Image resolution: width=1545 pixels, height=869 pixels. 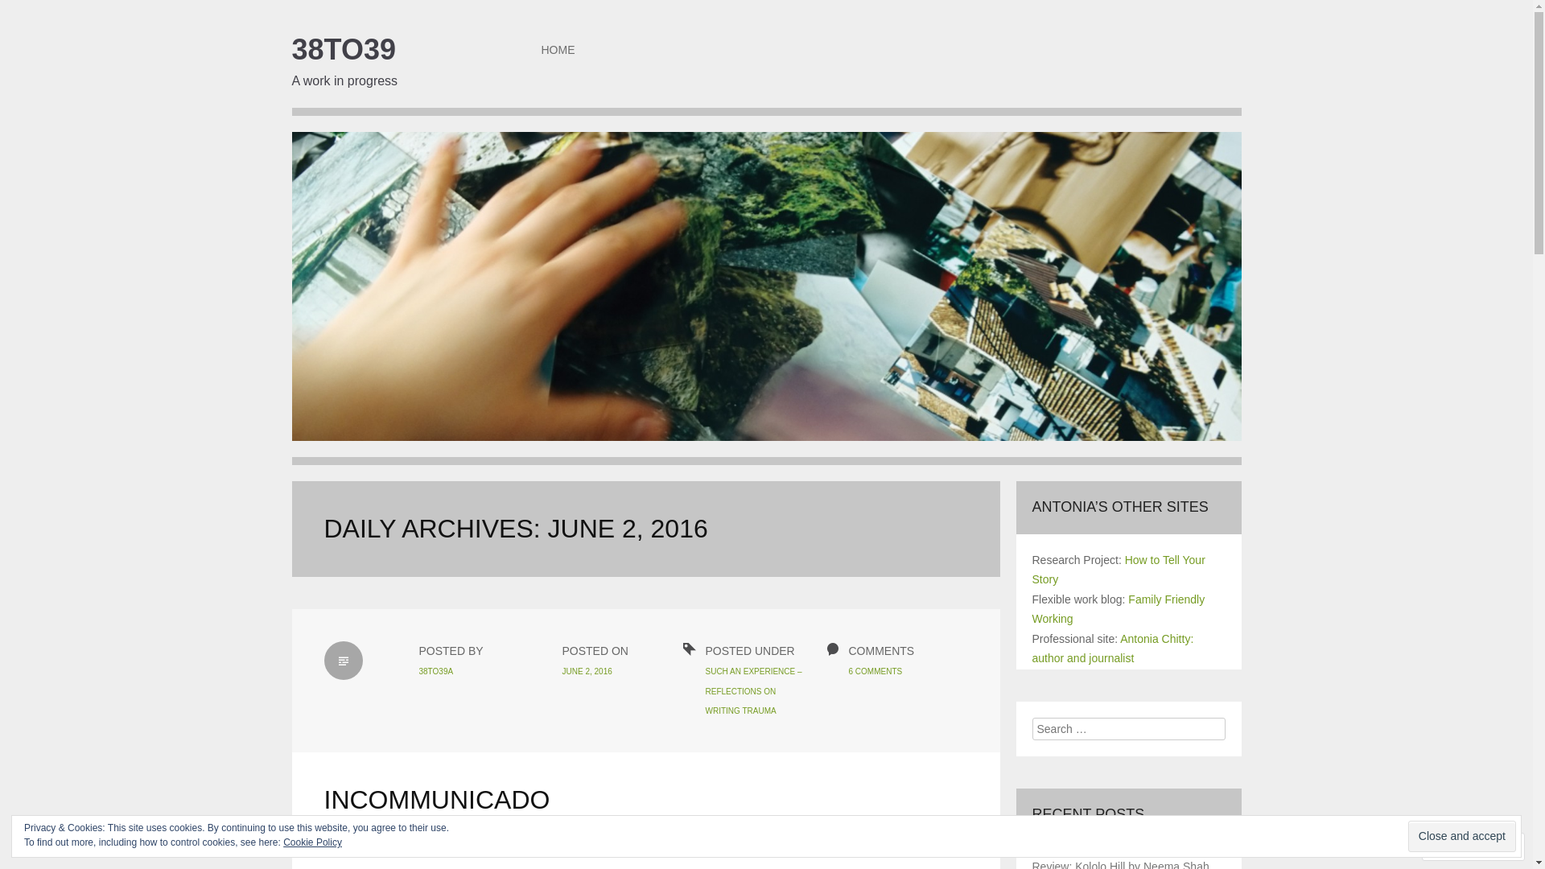 What do you see at coordinates (323, 800) in the screenshot?
I see `'INCOMMUNICADO'` at bounding box center [323, 800].